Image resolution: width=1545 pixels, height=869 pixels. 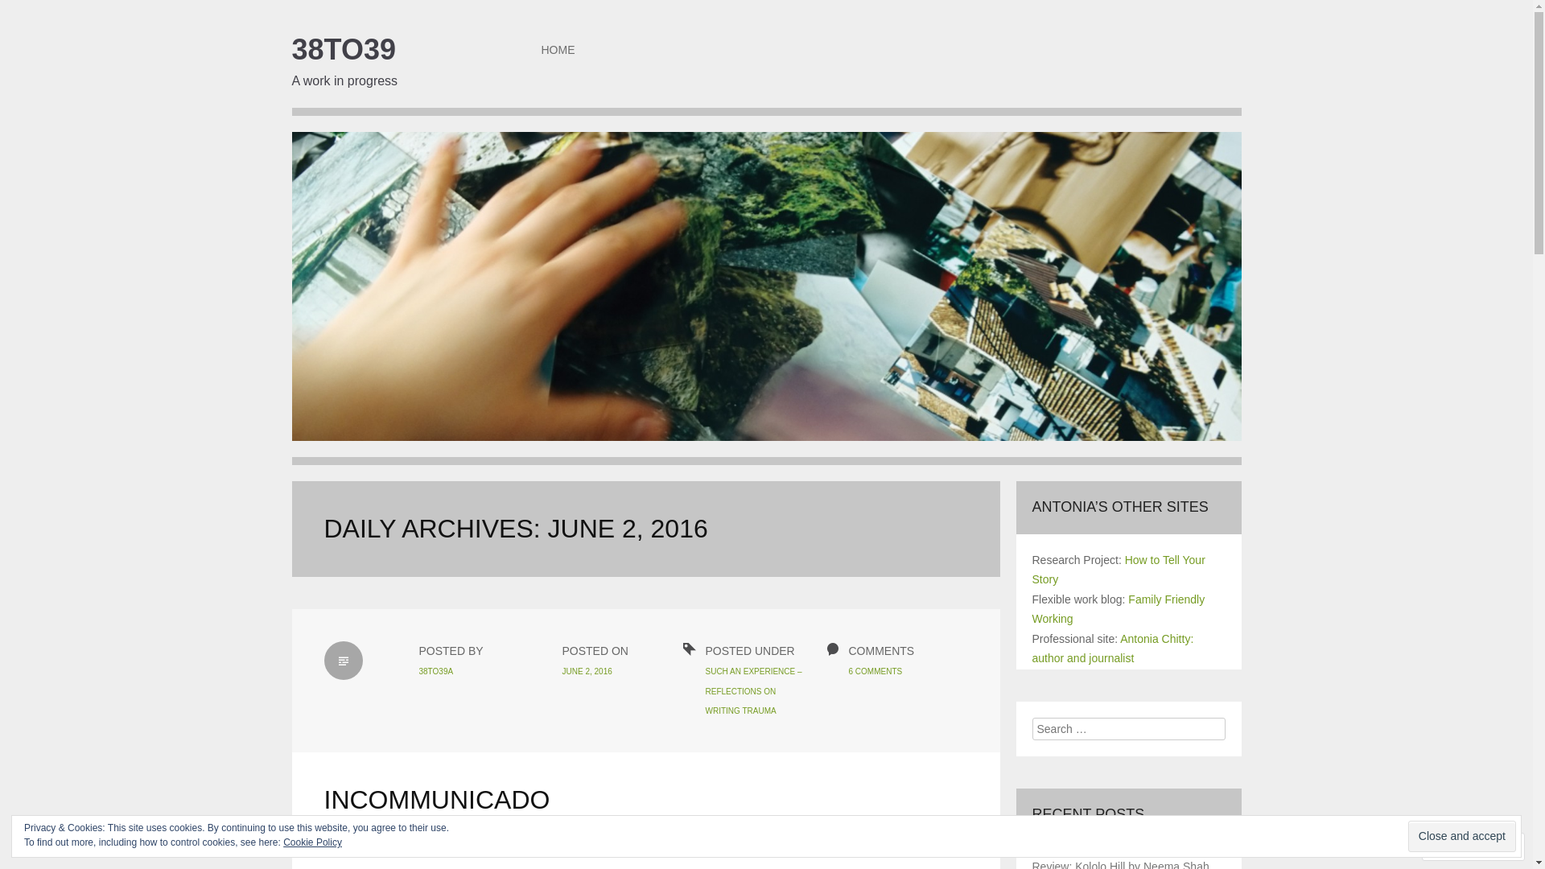 What do you see at coordinates (323, 800) in the screenshot?
I see `'INCOMMUNICADO'` at bounding box center [323, 800].